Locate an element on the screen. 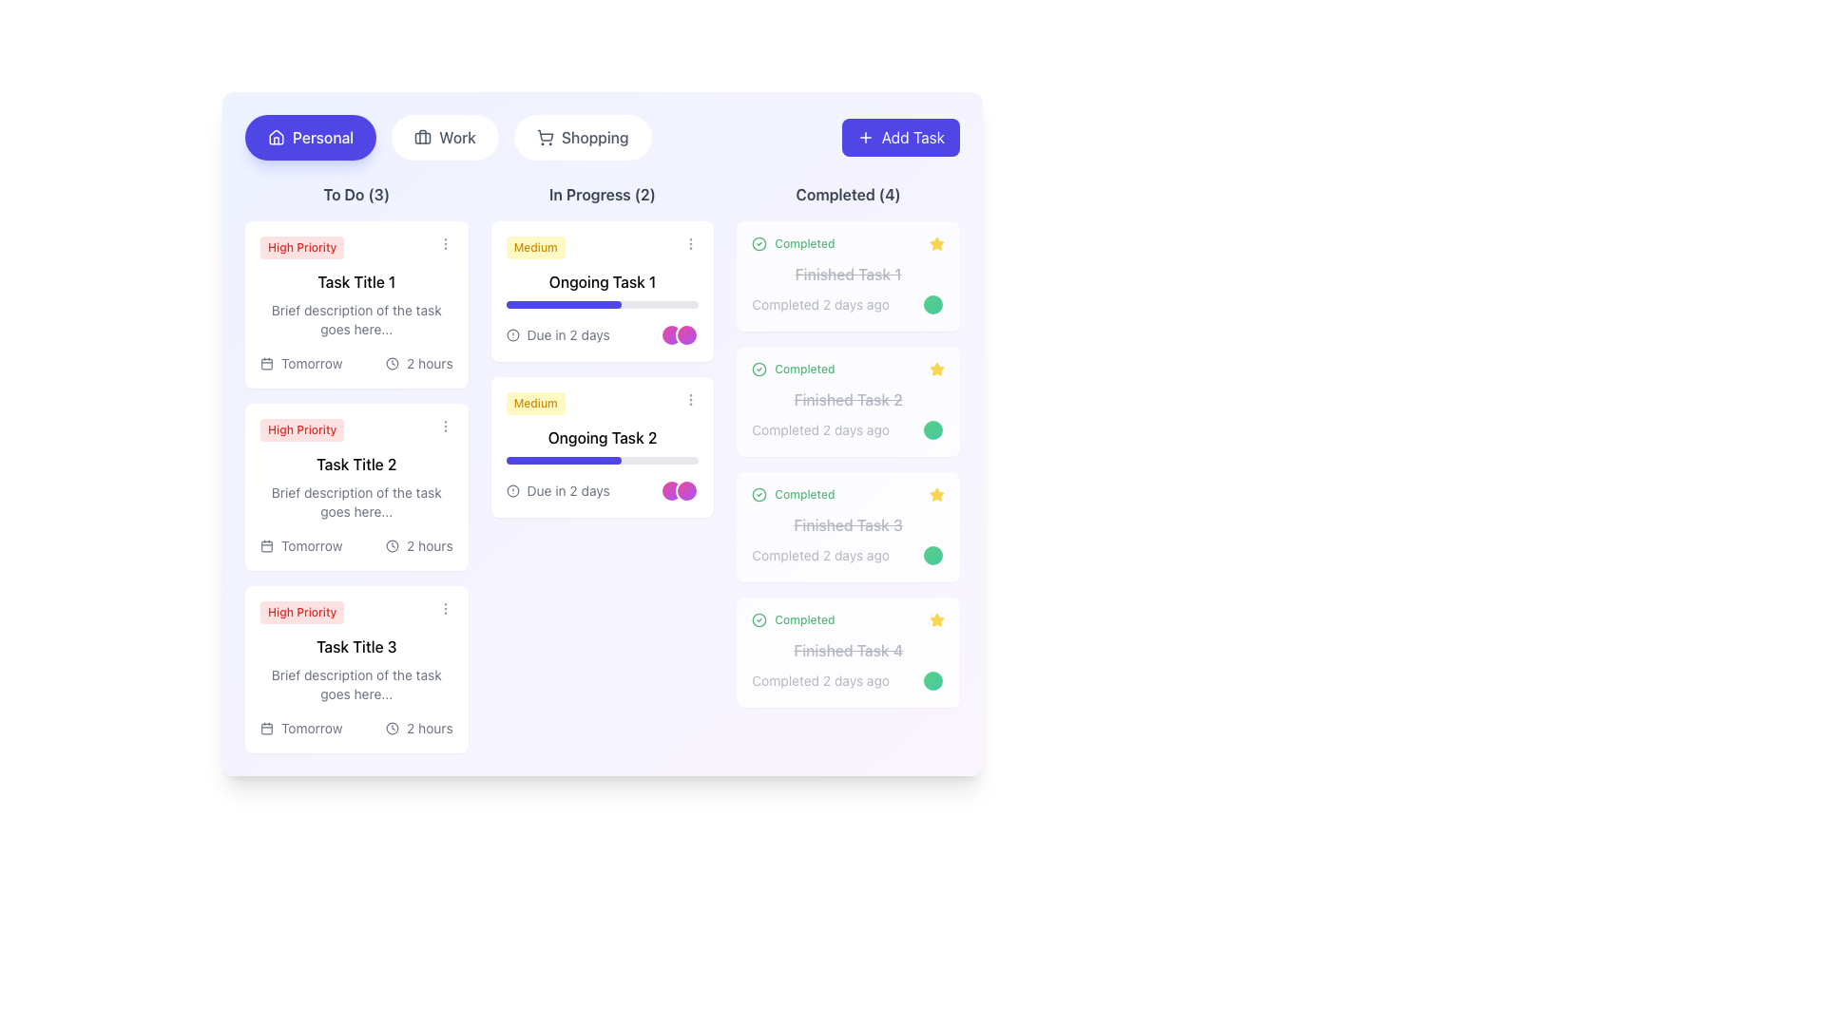 Image resolution: width=1825 pixels, height=1026 pixels. the text label displaying 'Task Title 3' which is located in the third card of the 'To Do' column, underneath the 'High Priority' label is located at coordinates (356, 646).